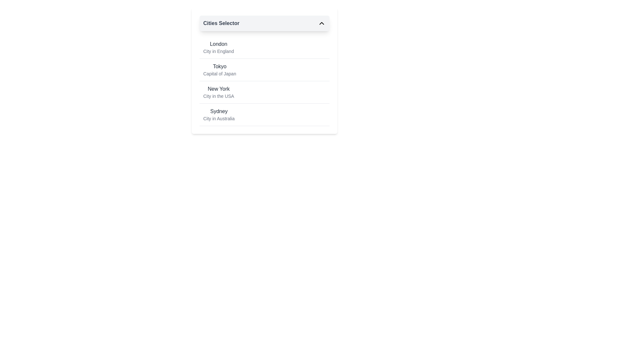  What do you see at coordinates (264, 47) in the screenshot?
I see `the first list item labeled 'London' under the 'Cities Selector' for keyboard navigation` at bounding box center [264, 47].